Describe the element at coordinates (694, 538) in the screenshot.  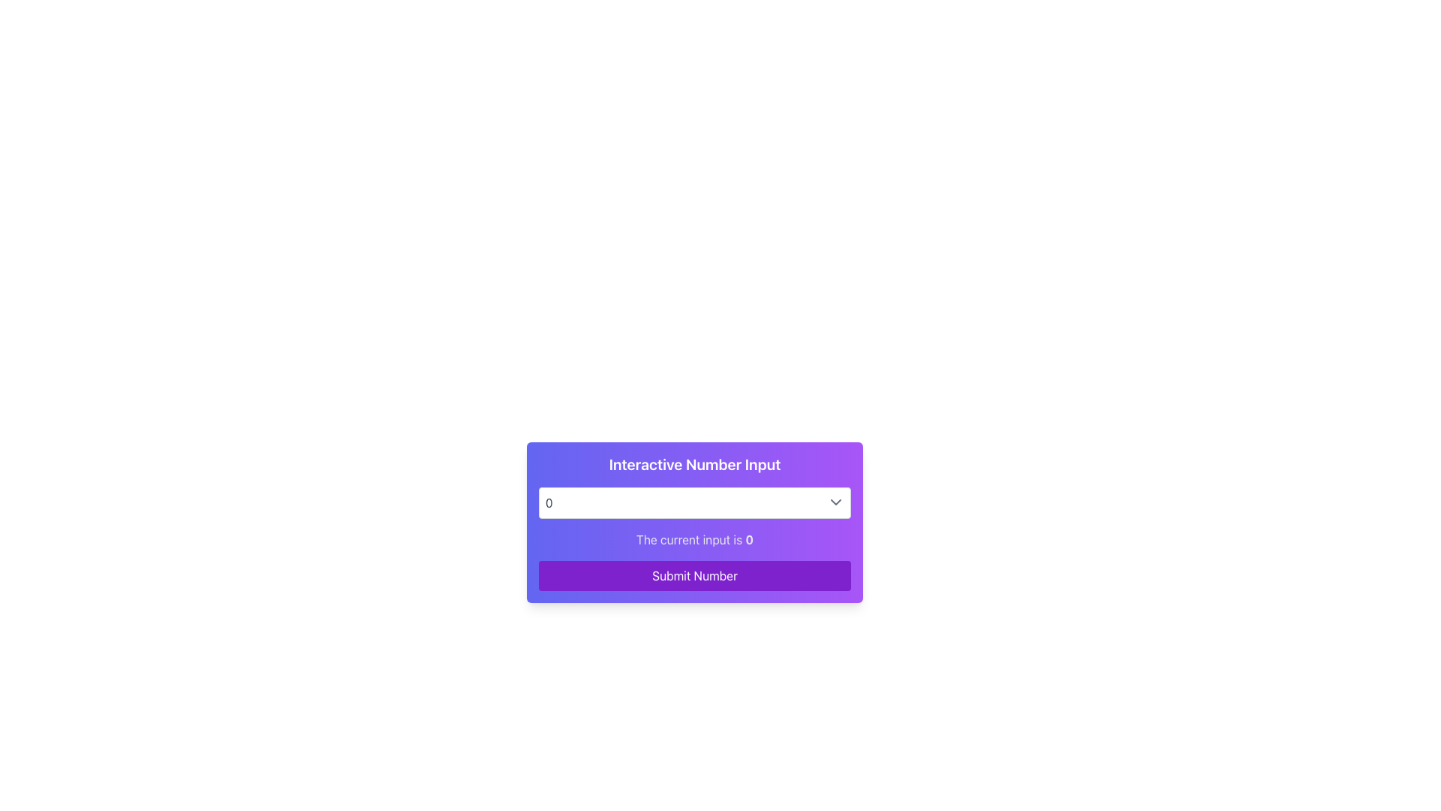
I see `the Static Text that displays the current value of user input, located below the text box and above the 'Submit Number' button` at that location.